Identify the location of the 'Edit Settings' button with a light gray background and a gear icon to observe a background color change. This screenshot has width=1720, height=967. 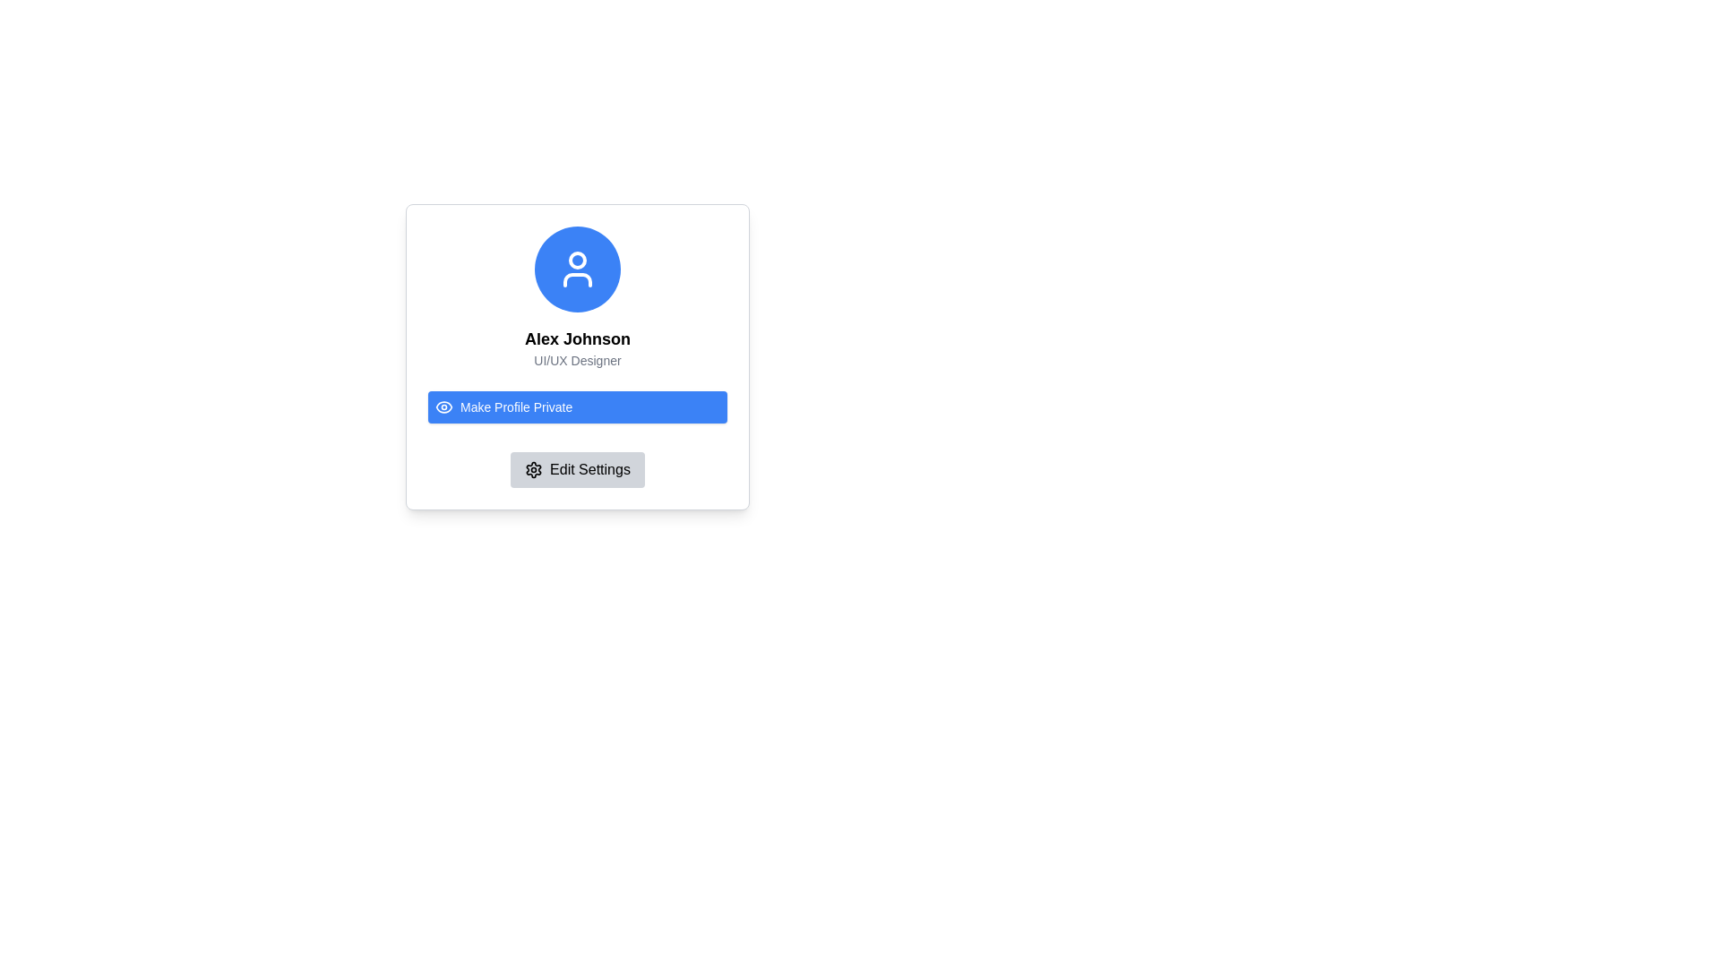
(577, 468).